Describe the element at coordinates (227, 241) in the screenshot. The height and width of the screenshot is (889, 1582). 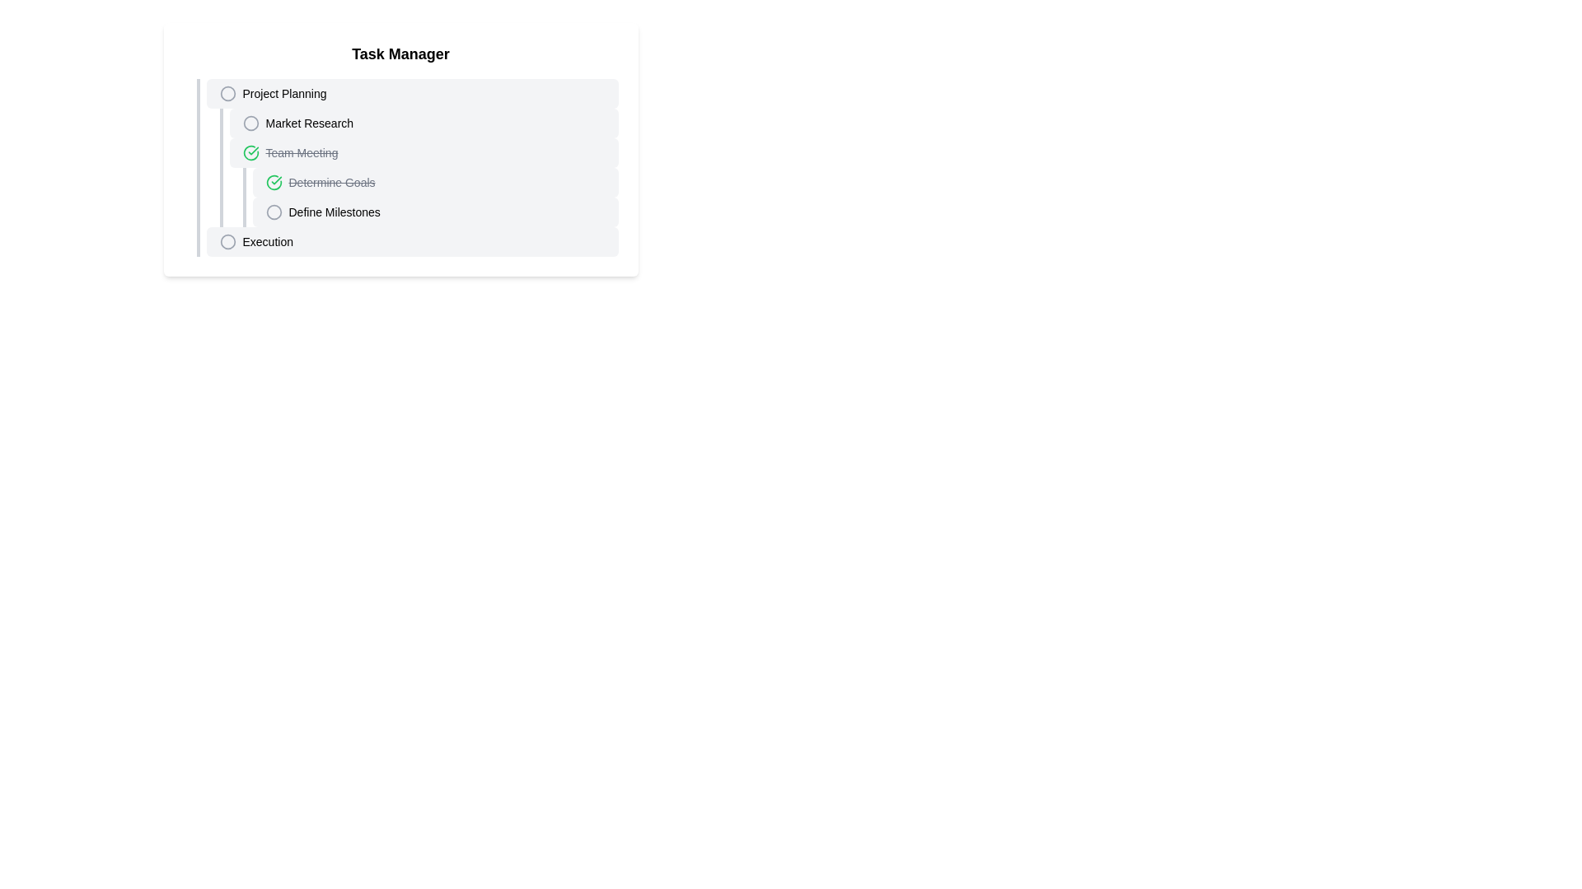
I see `the status indicator icon (circle with center dot) located under the 'Execution' task label in the Task Manager interface` at that location.